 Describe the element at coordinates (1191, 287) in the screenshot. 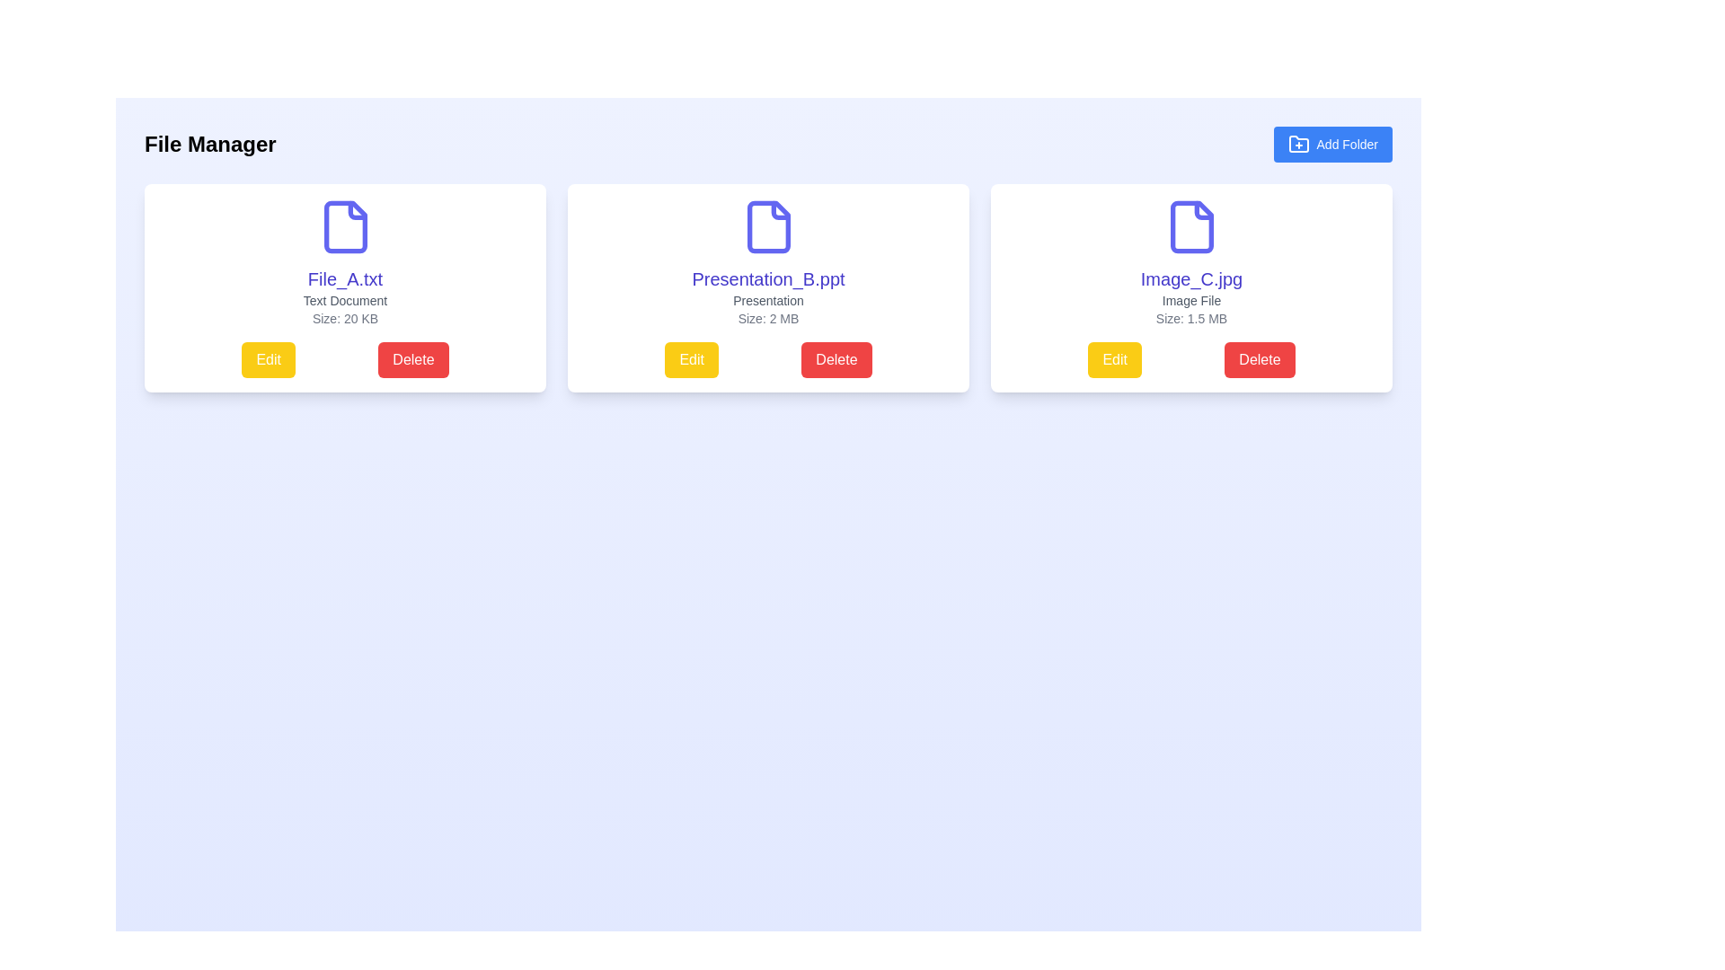

I see `the Card Component displaying 'Image_C.jpg' with a document icon, which is the third card in the row of three in the File Manager` at that location.